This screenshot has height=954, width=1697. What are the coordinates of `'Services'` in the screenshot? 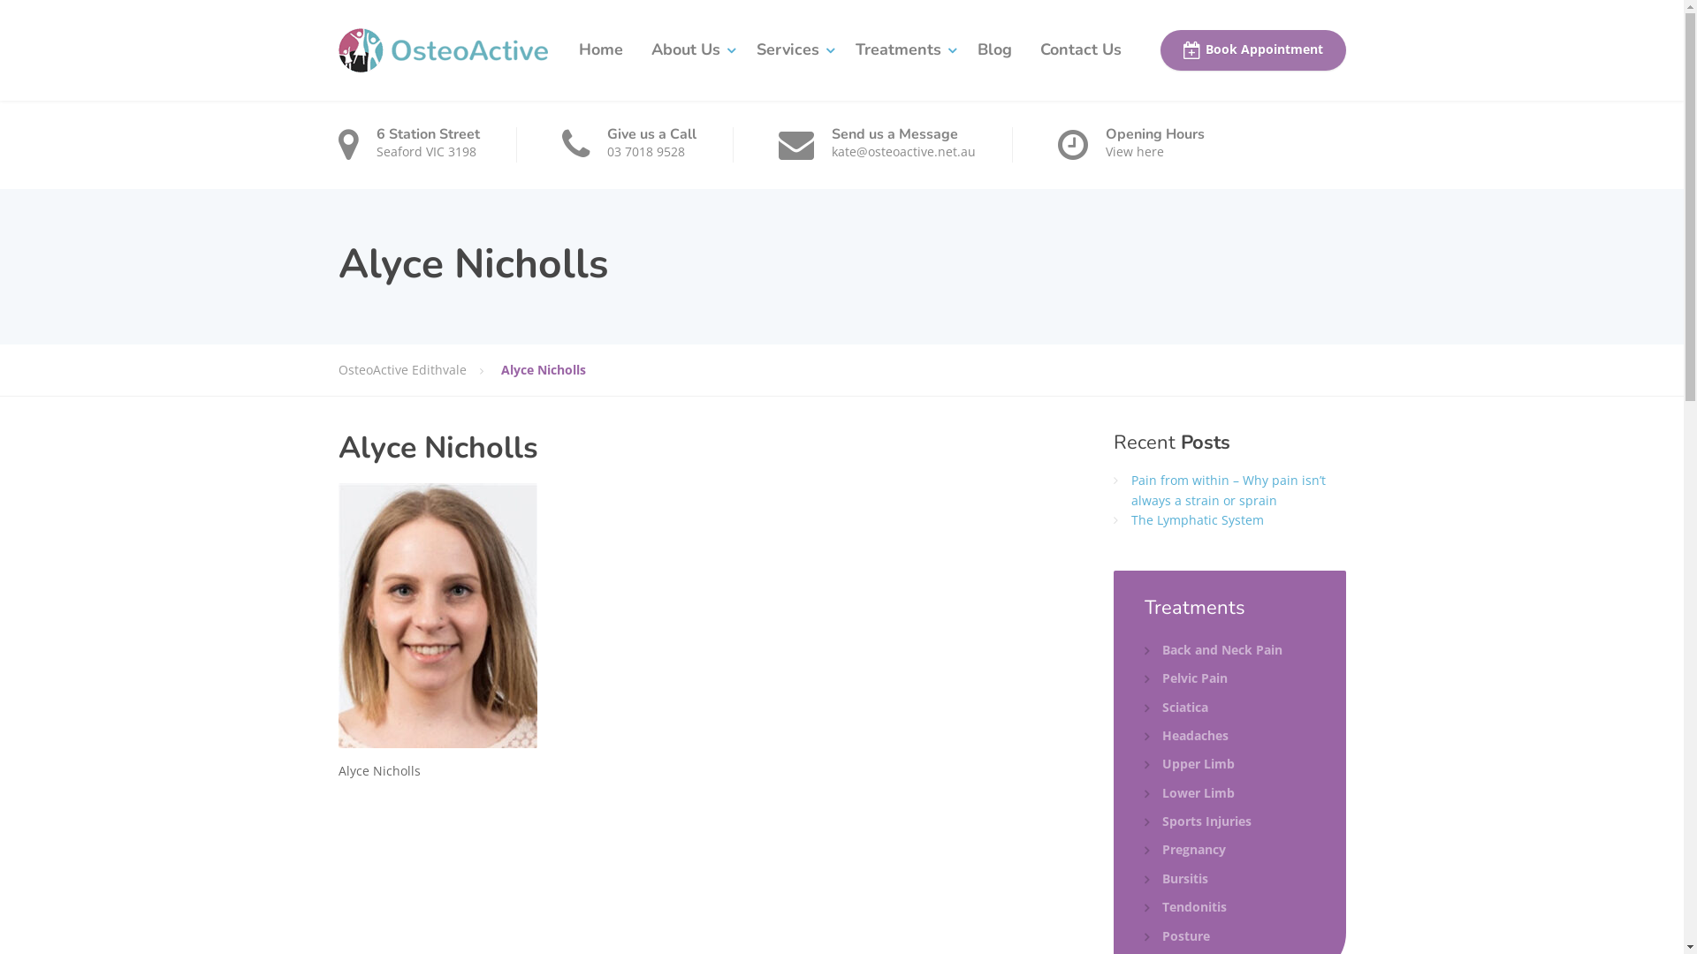 It's located at (791, 49).